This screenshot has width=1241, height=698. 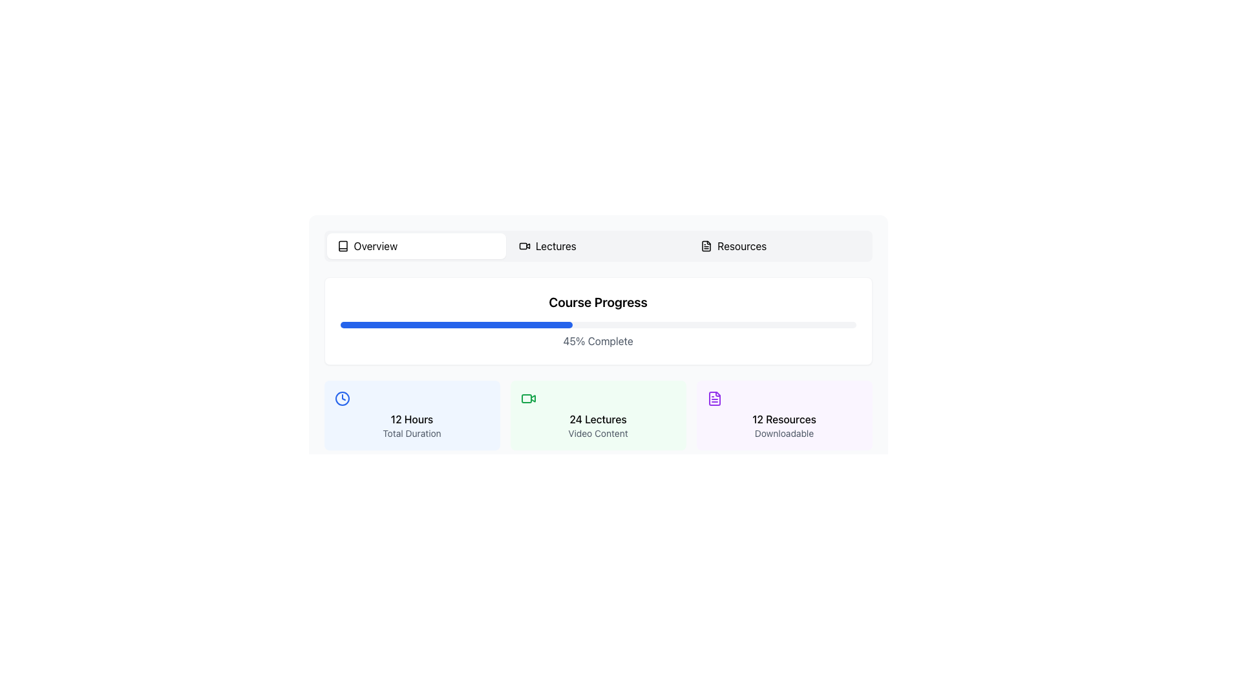 I want to click on the text label displaying 'Video Content' in a small-sized gray font, which is located within a green-highlighted rectangular card, beneath the larger text '24 Lectures', so click(x=597, y=434).